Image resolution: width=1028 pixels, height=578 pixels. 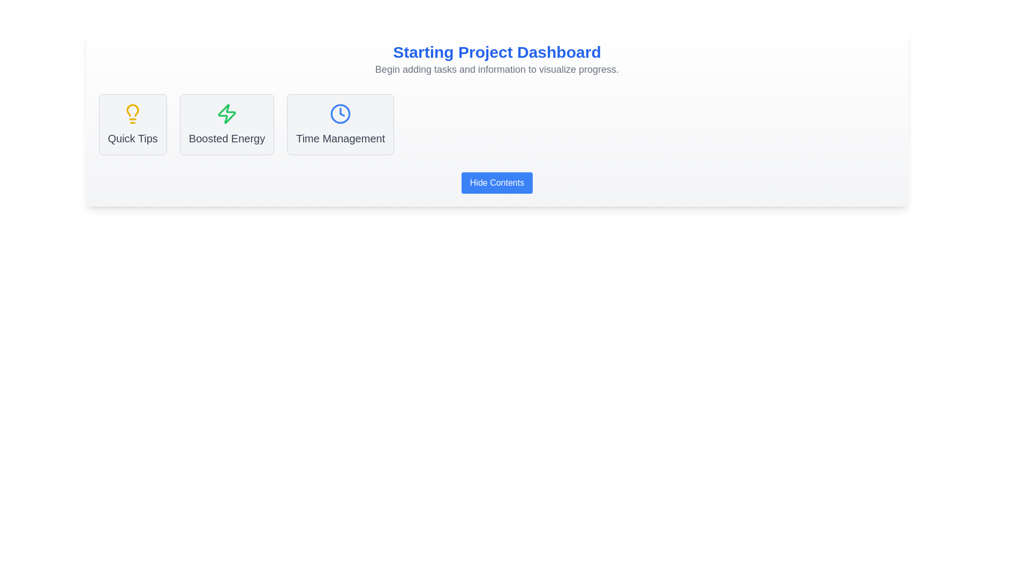 I want to click on the 'Boosted Energy' icon, which visually represents an energy-boosting feature, located centrally within the corresponding button, so click(x=226, y=113).